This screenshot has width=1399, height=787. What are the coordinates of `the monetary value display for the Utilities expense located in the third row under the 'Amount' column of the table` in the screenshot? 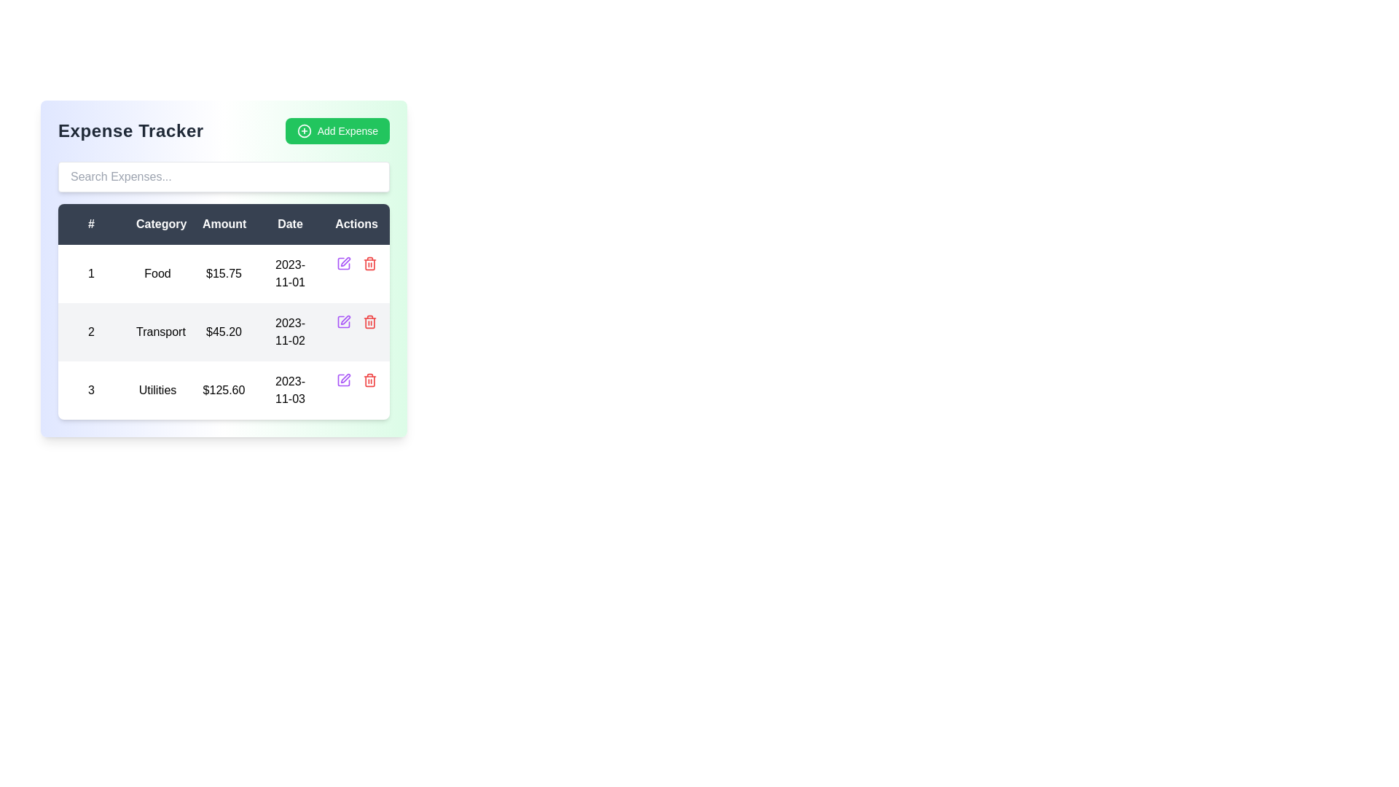 It's located at (223, 390).